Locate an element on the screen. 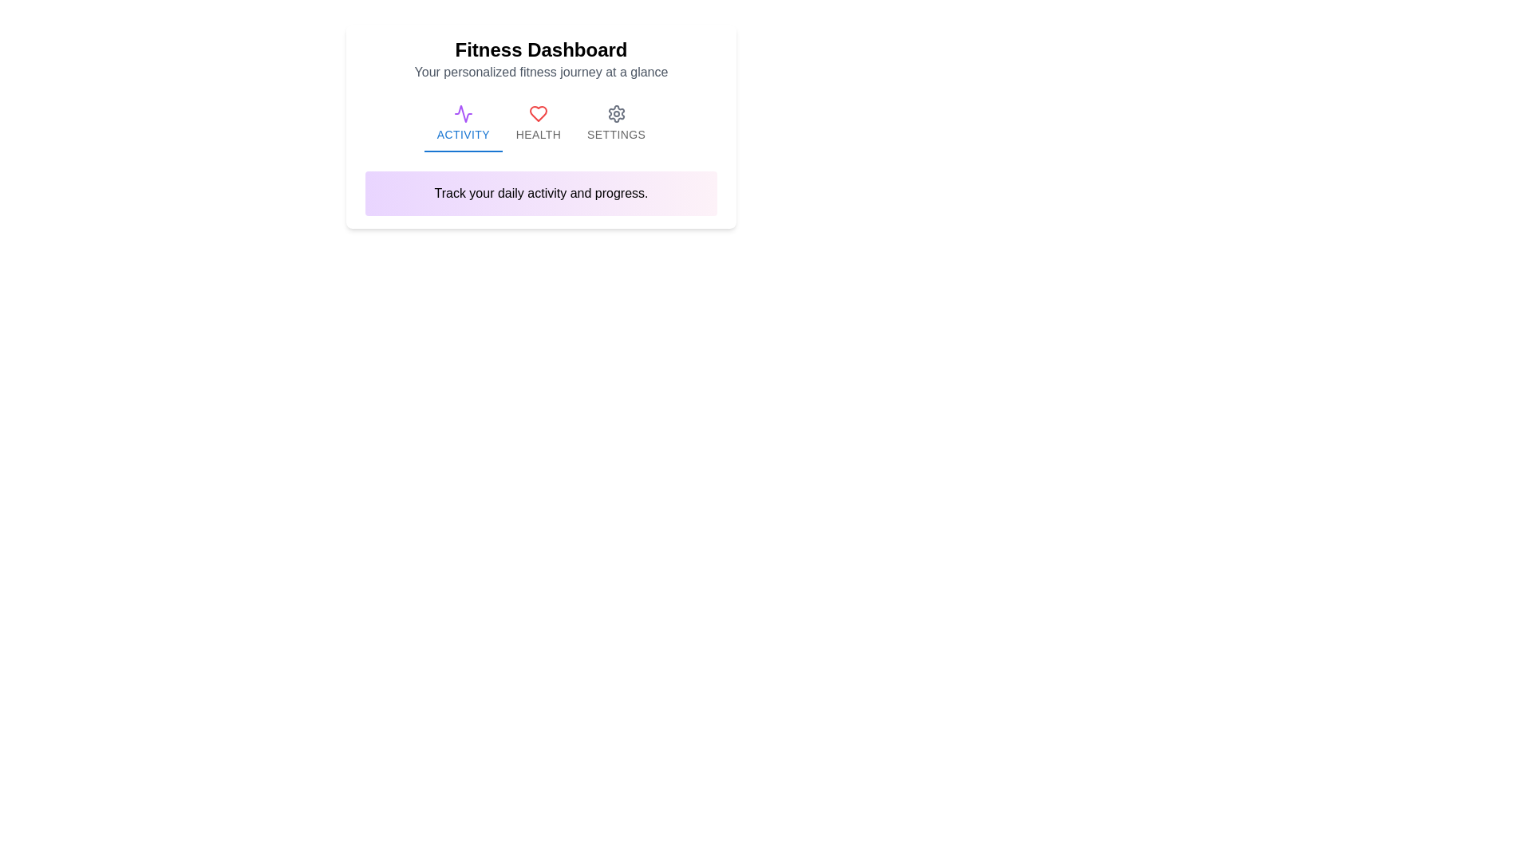 This screenshot has height=861, width=1532. the settings icon located at the rightmost position among the tabs at the top of the 'Fitness Dashboard' card is located at coordinates (615, 113).